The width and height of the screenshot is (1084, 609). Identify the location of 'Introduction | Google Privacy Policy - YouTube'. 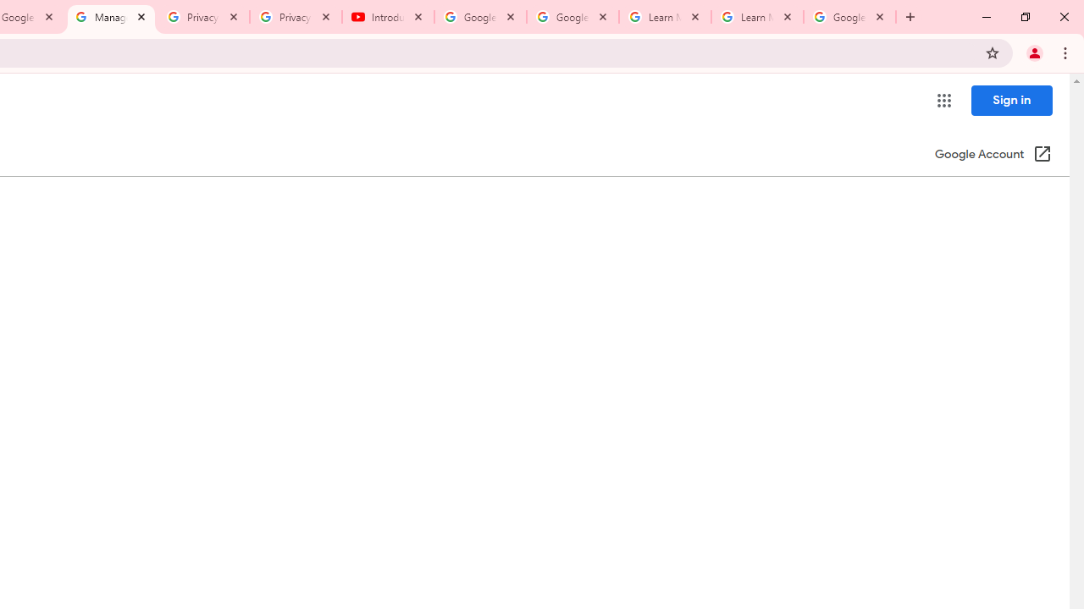
(387, 17).